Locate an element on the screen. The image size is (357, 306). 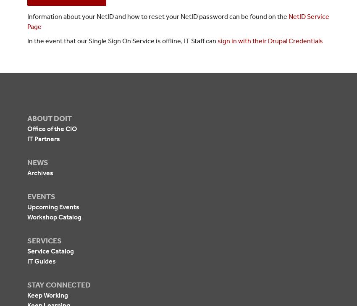
'Archives' is located at coordinates (39, 172).